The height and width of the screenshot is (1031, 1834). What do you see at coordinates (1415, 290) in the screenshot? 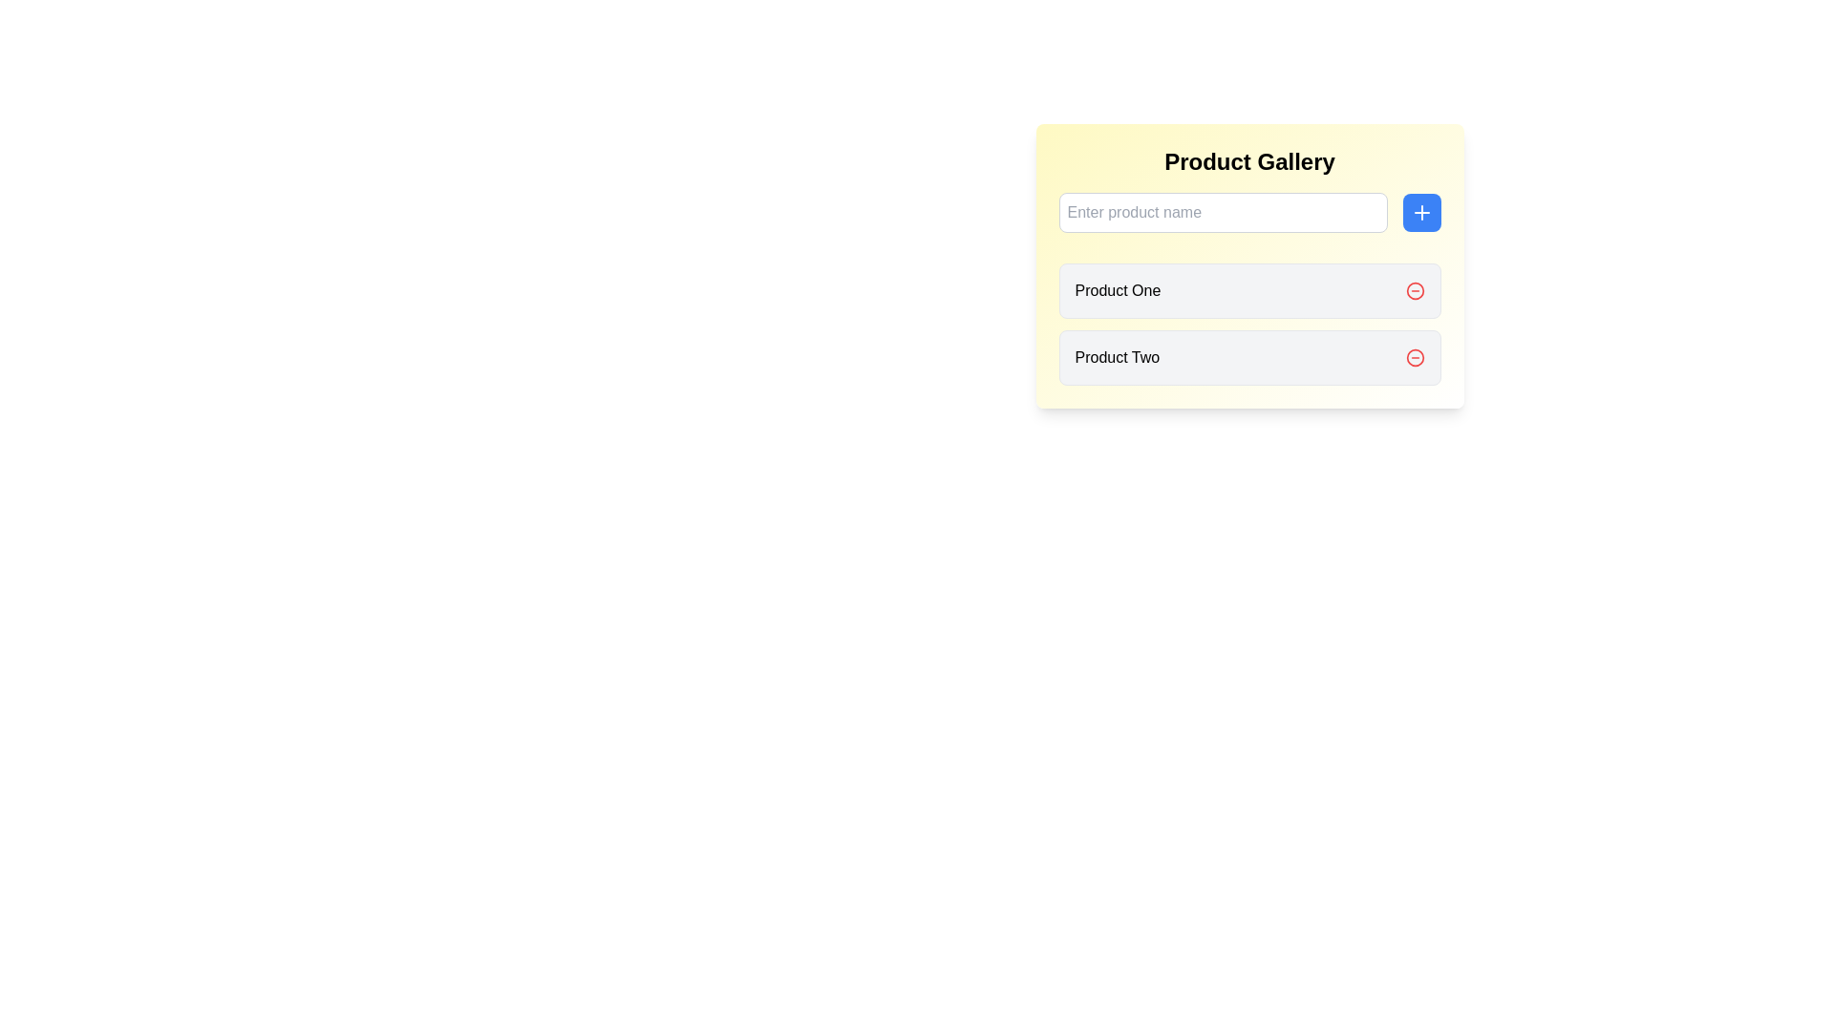
I see `the removal icon button for the 'Product One' entry in the 'Product Gallery' section` at bounding box center [1415, 290].